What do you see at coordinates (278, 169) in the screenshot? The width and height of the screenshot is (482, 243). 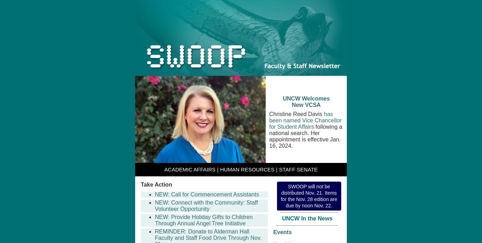 I see `'STAFF SENATE'` at bounding box center [278, 169].